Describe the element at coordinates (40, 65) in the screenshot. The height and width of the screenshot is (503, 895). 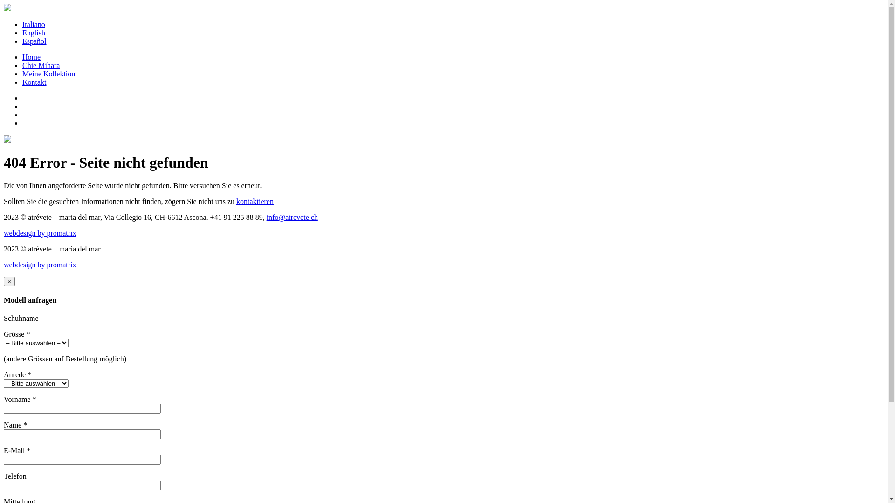
I see `'Chie Mihara'` at that location.